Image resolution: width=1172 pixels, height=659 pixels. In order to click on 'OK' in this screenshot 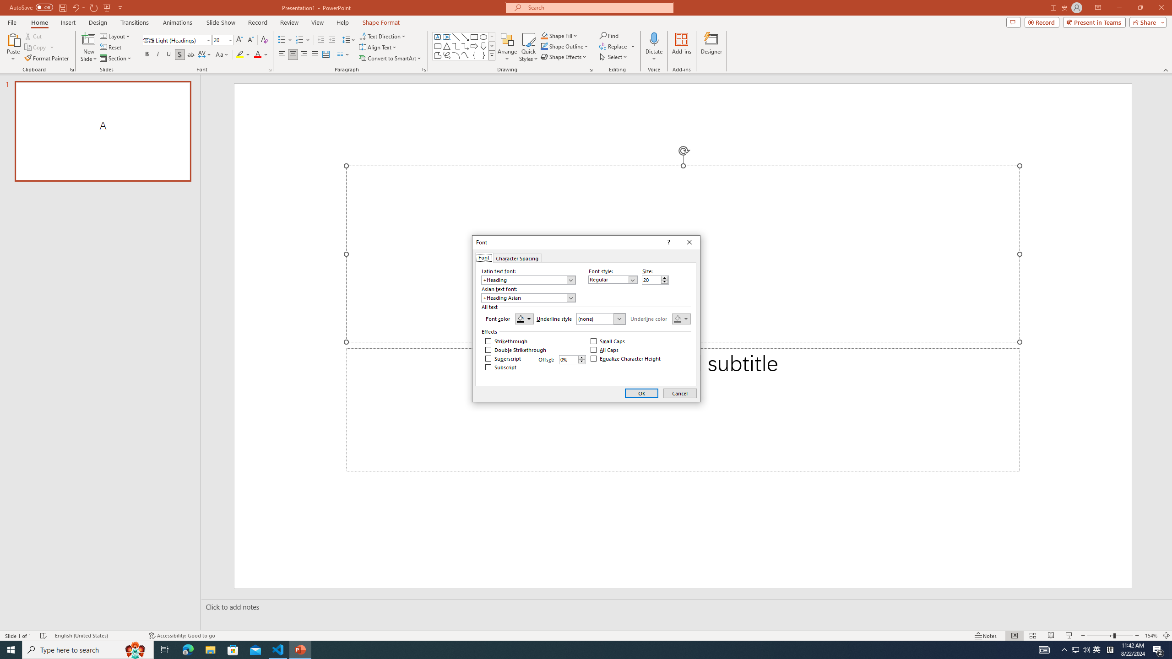, I will do `click(641, 393)`.